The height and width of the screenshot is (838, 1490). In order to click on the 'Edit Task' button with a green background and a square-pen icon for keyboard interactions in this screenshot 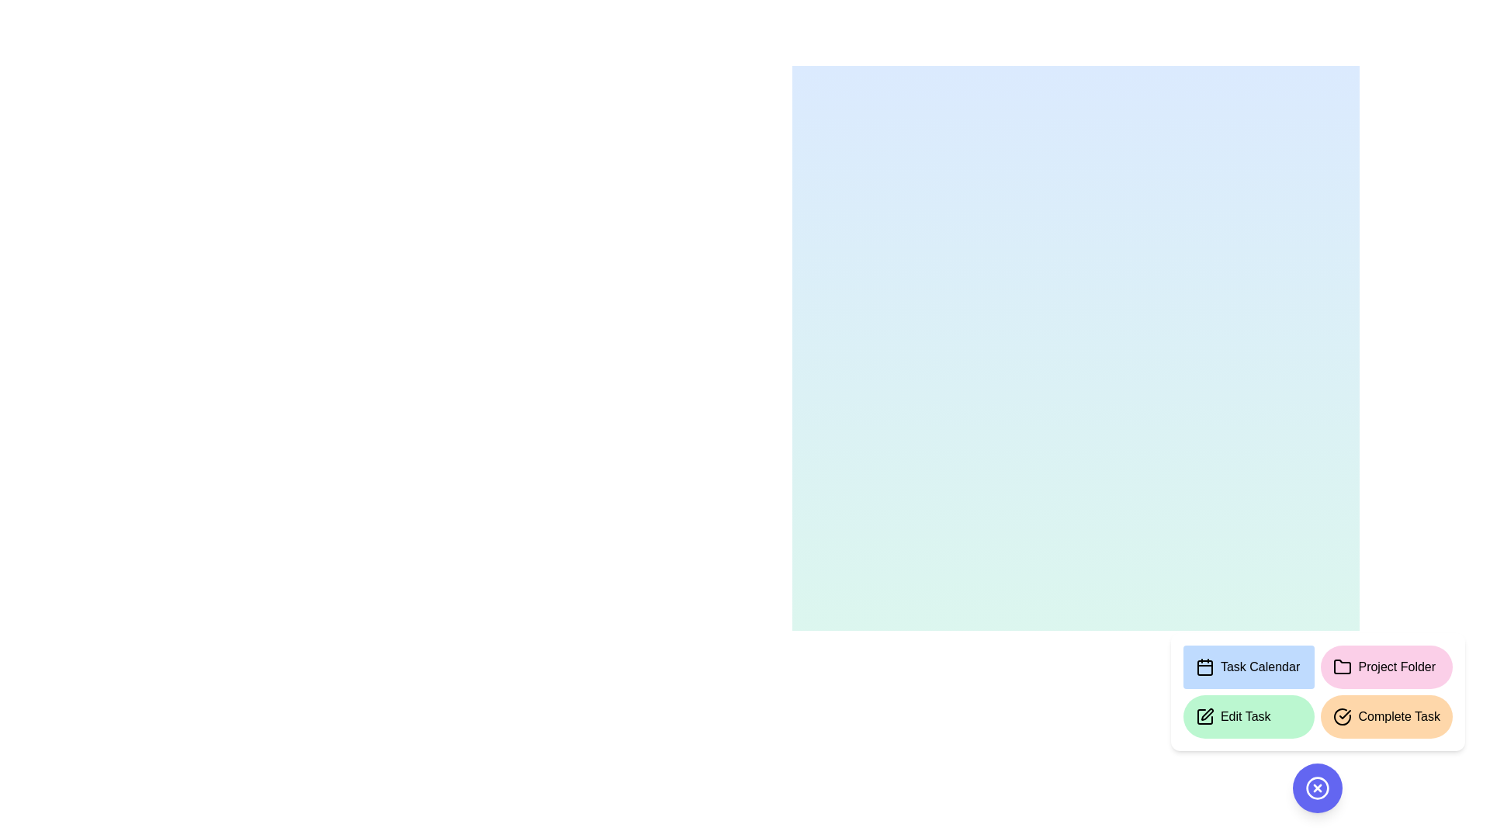, I will do `click(1249, 717)`.